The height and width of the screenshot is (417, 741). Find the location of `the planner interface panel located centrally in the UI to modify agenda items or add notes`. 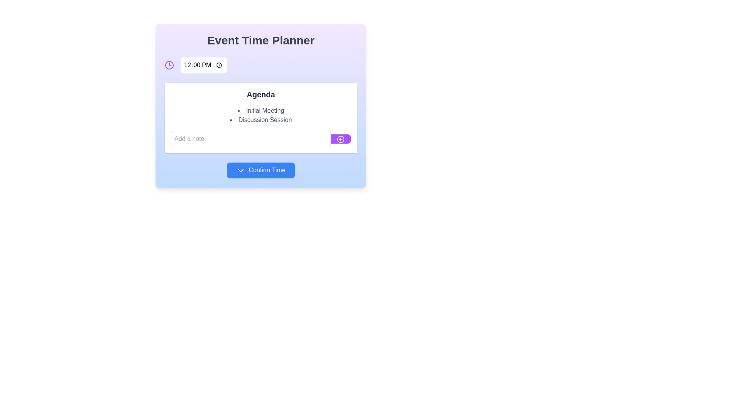

the planner interface panel located centrally in the UI to modify agenda items or add notes is located at coordinates (261, 105).